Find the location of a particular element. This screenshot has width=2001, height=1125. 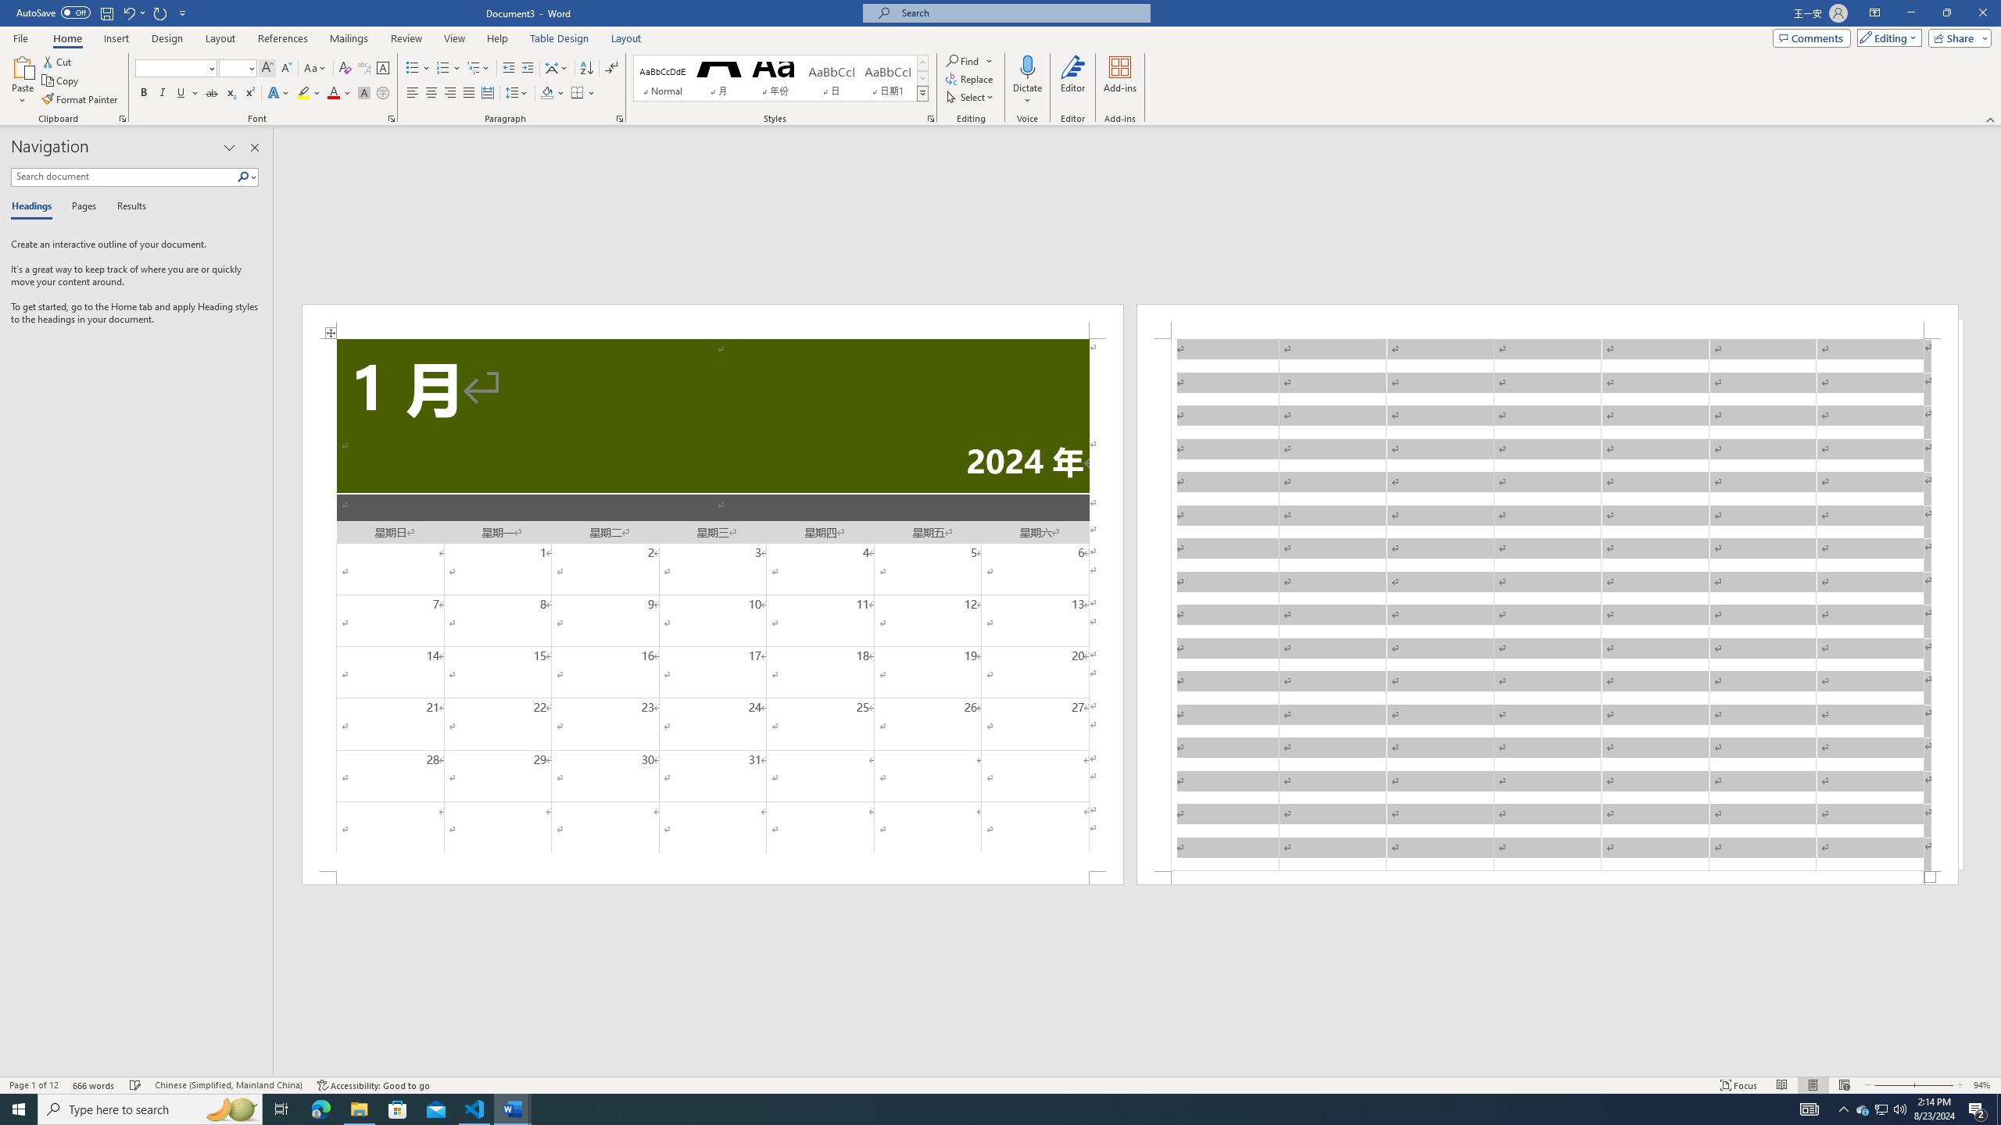

'Page 2 content' is located at coordinates (1548, 604).